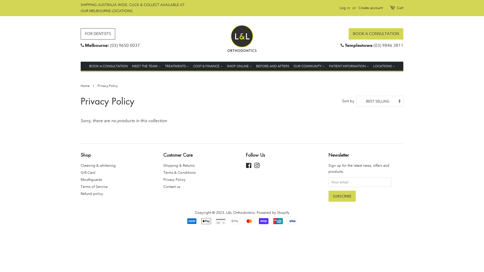 The width and height of the screenshot is (484, 272). I want to click on '(03) 9650 0037', so click(125, 45).